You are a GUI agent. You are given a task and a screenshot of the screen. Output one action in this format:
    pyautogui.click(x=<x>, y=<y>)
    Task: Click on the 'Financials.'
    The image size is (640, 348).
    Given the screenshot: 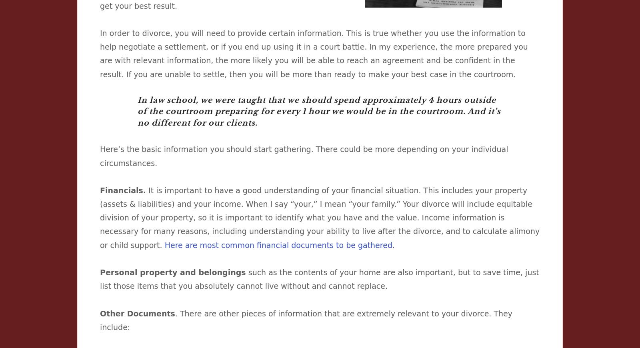 What is the action you would take?
    pyautogui.click(x=100, y=190)
    